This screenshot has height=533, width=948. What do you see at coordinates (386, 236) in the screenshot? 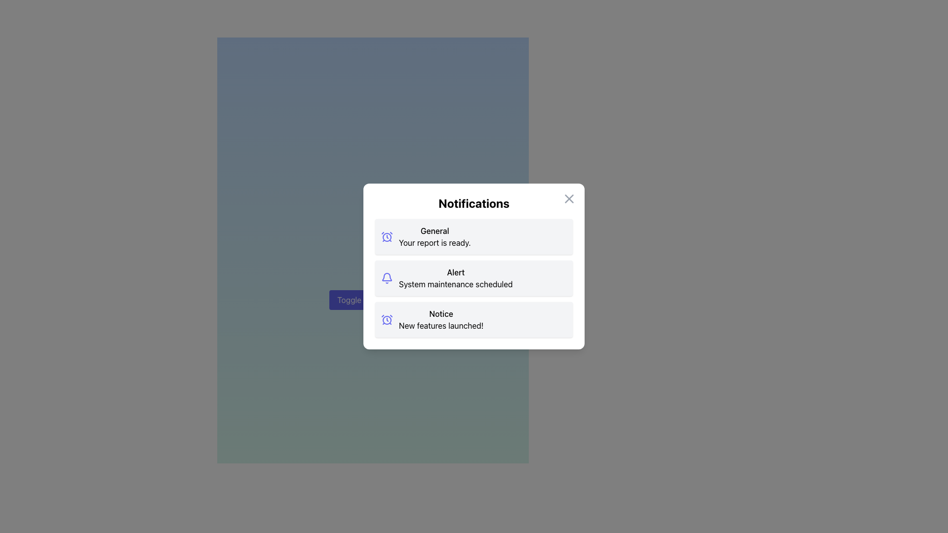
I see `the circular alarm clock icon with an indigo stroke outline, positioned to the left of the 'General' notification text and above 'Your report is ready.'` at bounding box center [386, 236].